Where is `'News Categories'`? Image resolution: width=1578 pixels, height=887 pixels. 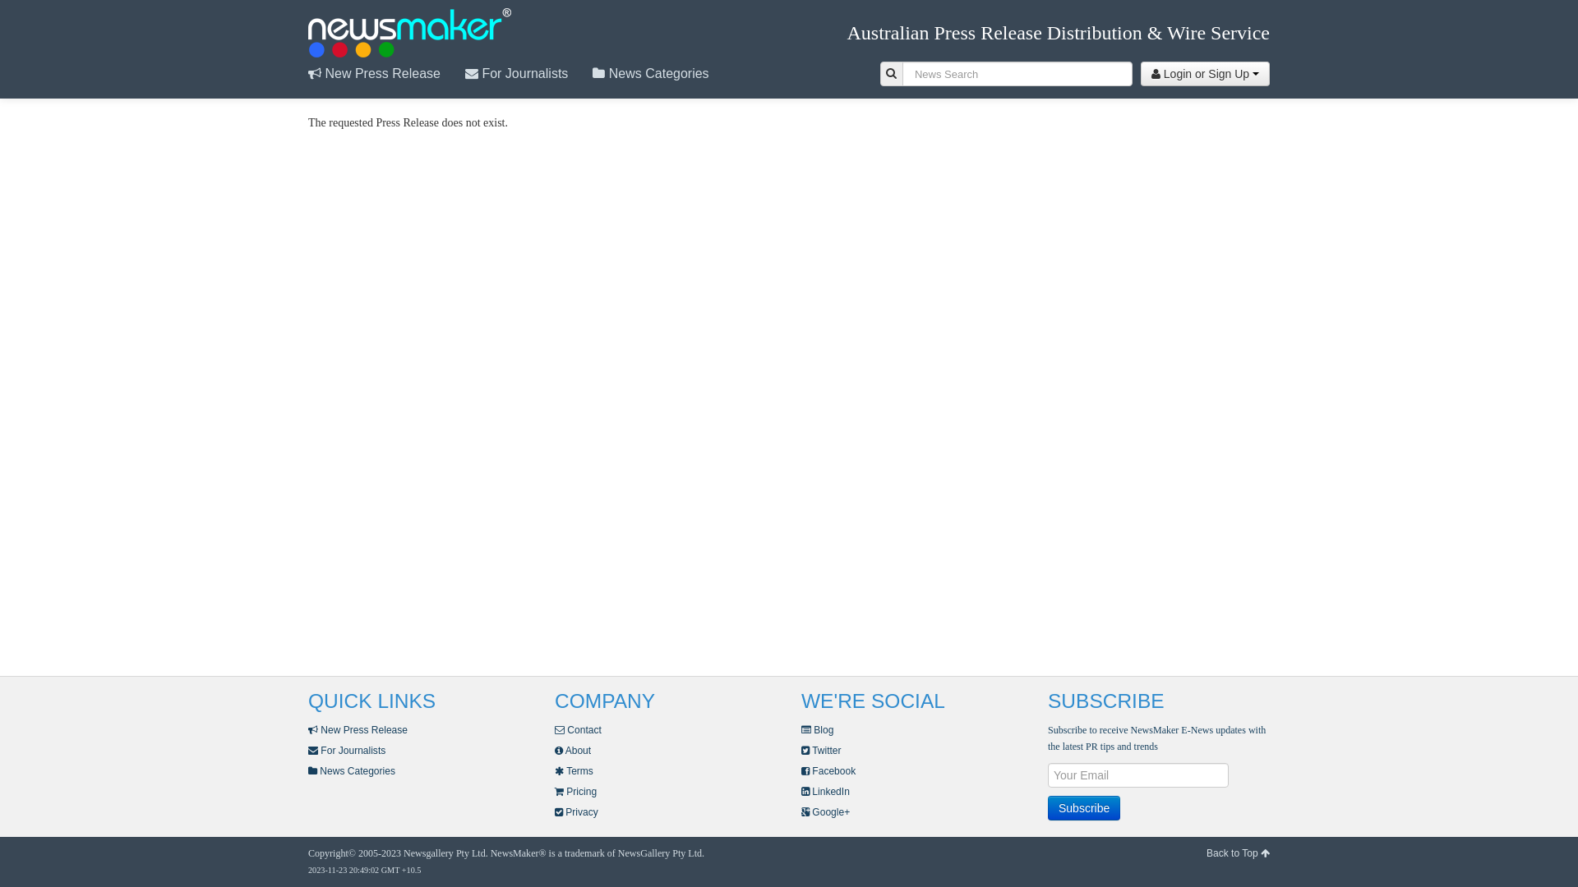
'News Categories' is located at coordinates (350, 770).